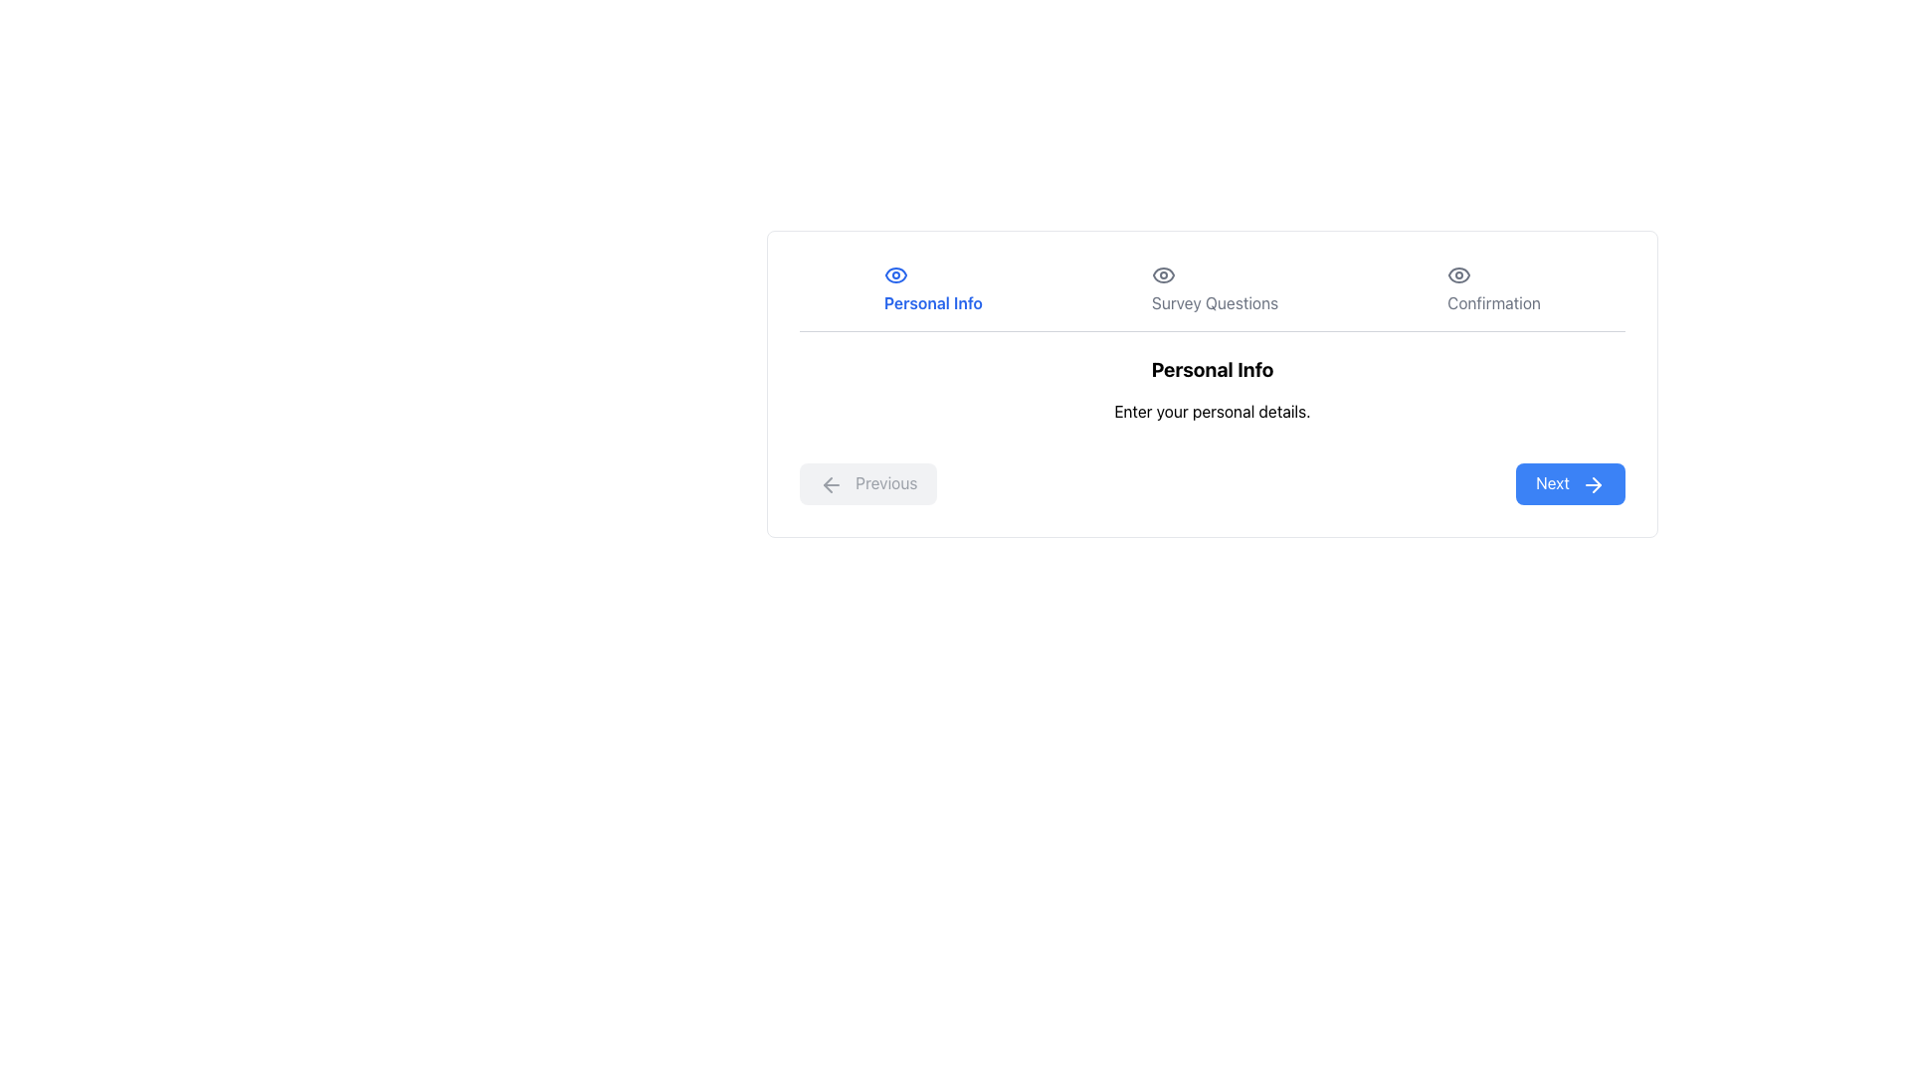 This screenshot has height=1074, width=1910. I want to click on the design of the right arrow icon located on the blue circular background of the 'Next' button at the bottom right of the dialog box, so click(1594, 483).